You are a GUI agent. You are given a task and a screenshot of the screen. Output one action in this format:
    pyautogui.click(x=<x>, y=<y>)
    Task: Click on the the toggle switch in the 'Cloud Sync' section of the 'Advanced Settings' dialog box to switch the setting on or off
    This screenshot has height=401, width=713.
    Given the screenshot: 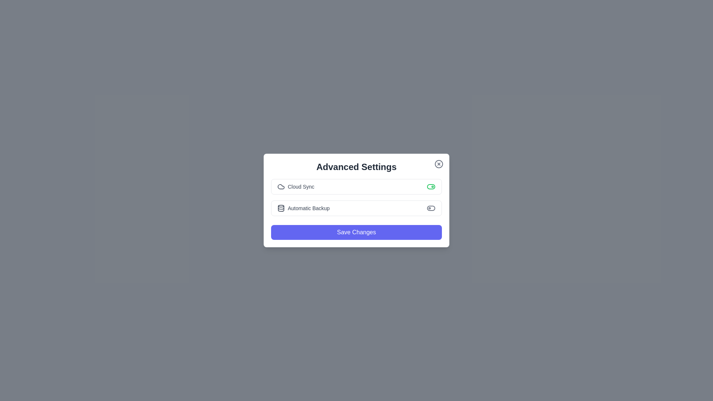 What is the action you would take?
    pyautogui.click(x=356, y=200)
    